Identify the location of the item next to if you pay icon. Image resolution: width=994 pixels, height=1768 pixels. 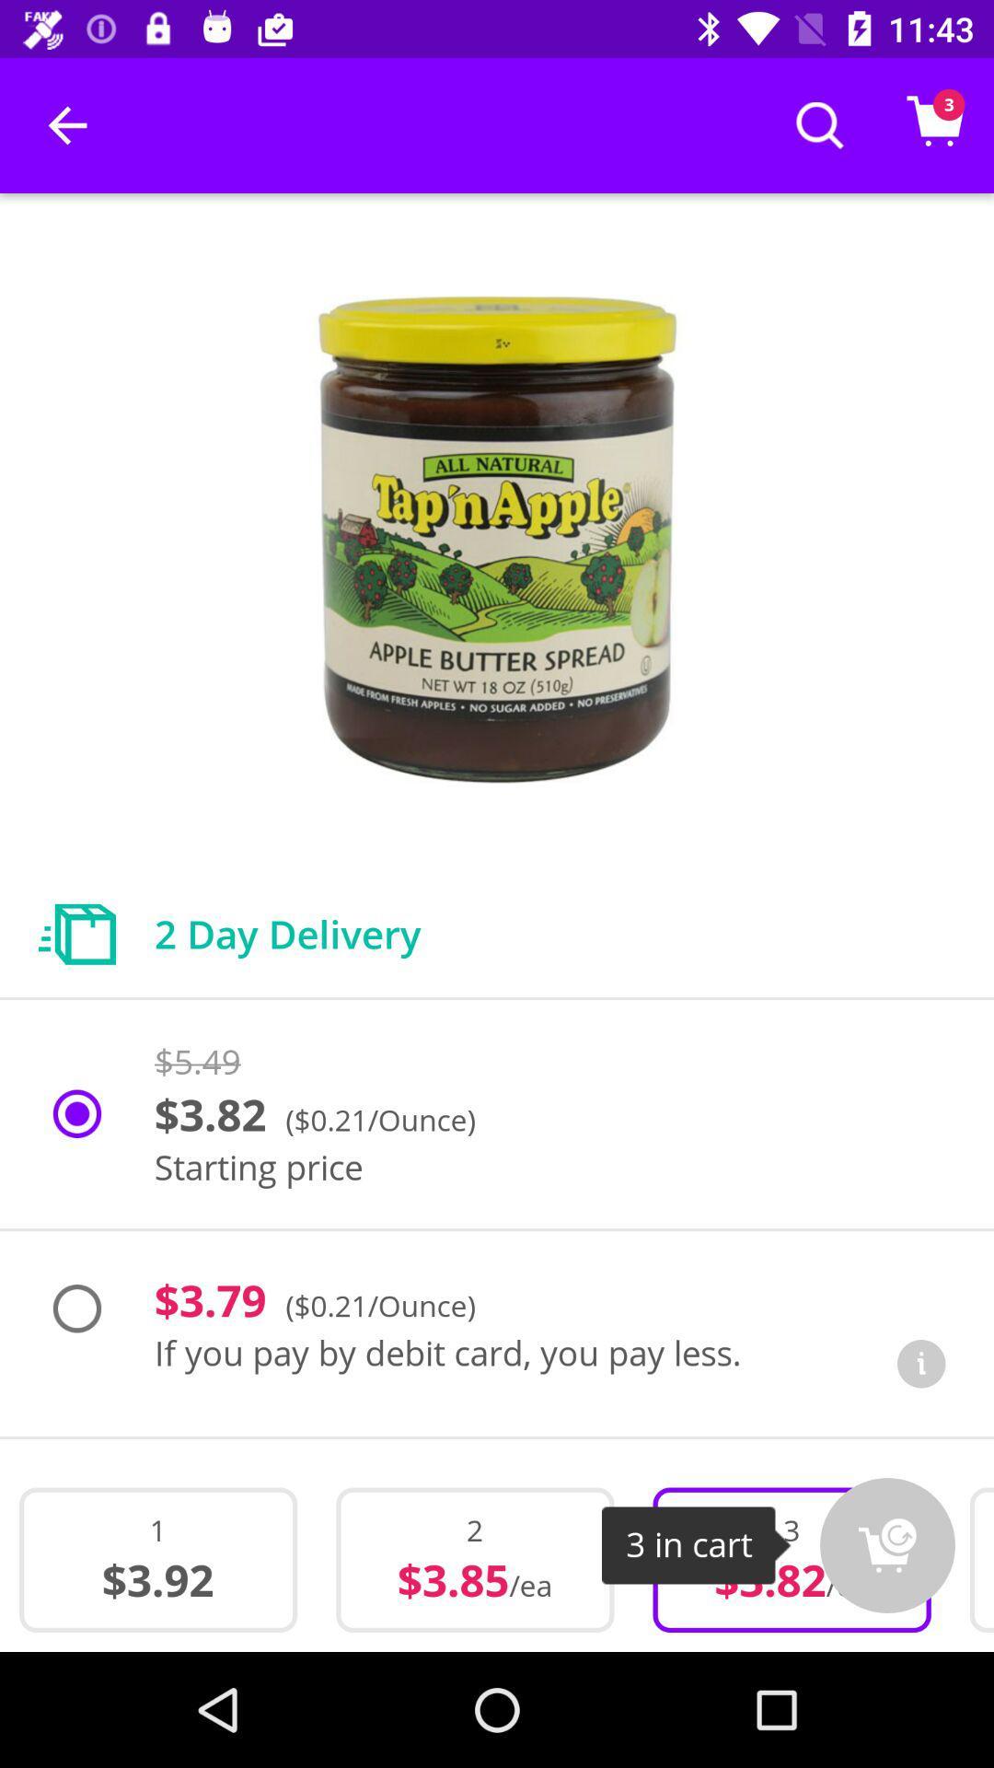
(921, 1364).